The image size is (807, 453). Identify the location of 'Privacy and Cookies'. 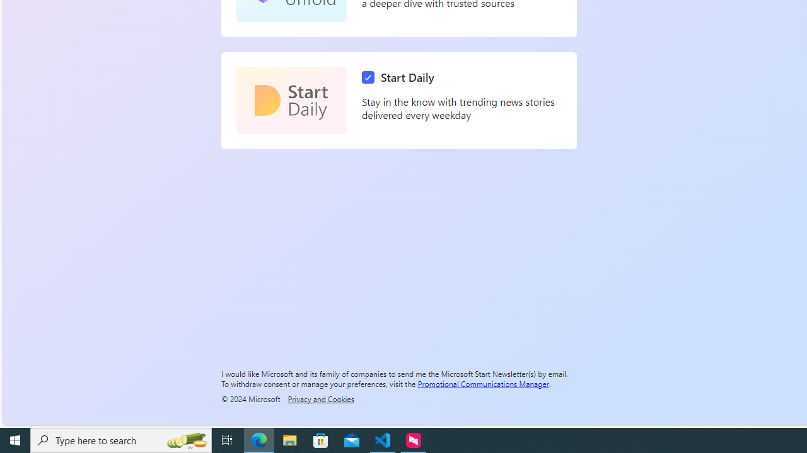
(320, 398).